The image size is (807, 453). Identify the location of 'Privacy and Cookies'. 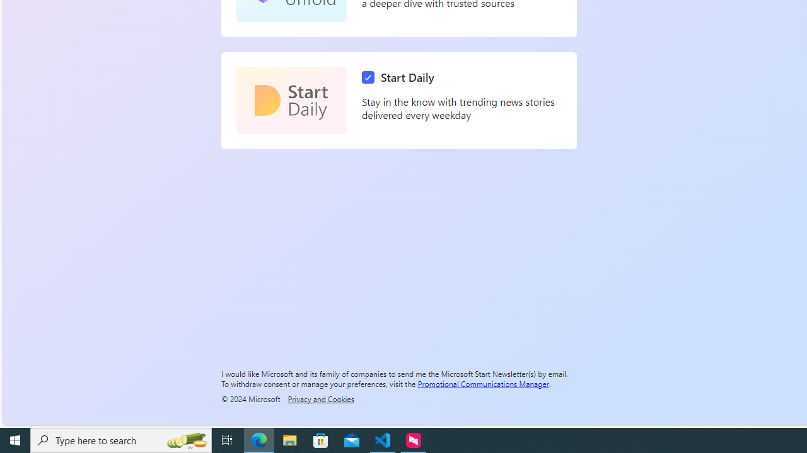
(320, 398).